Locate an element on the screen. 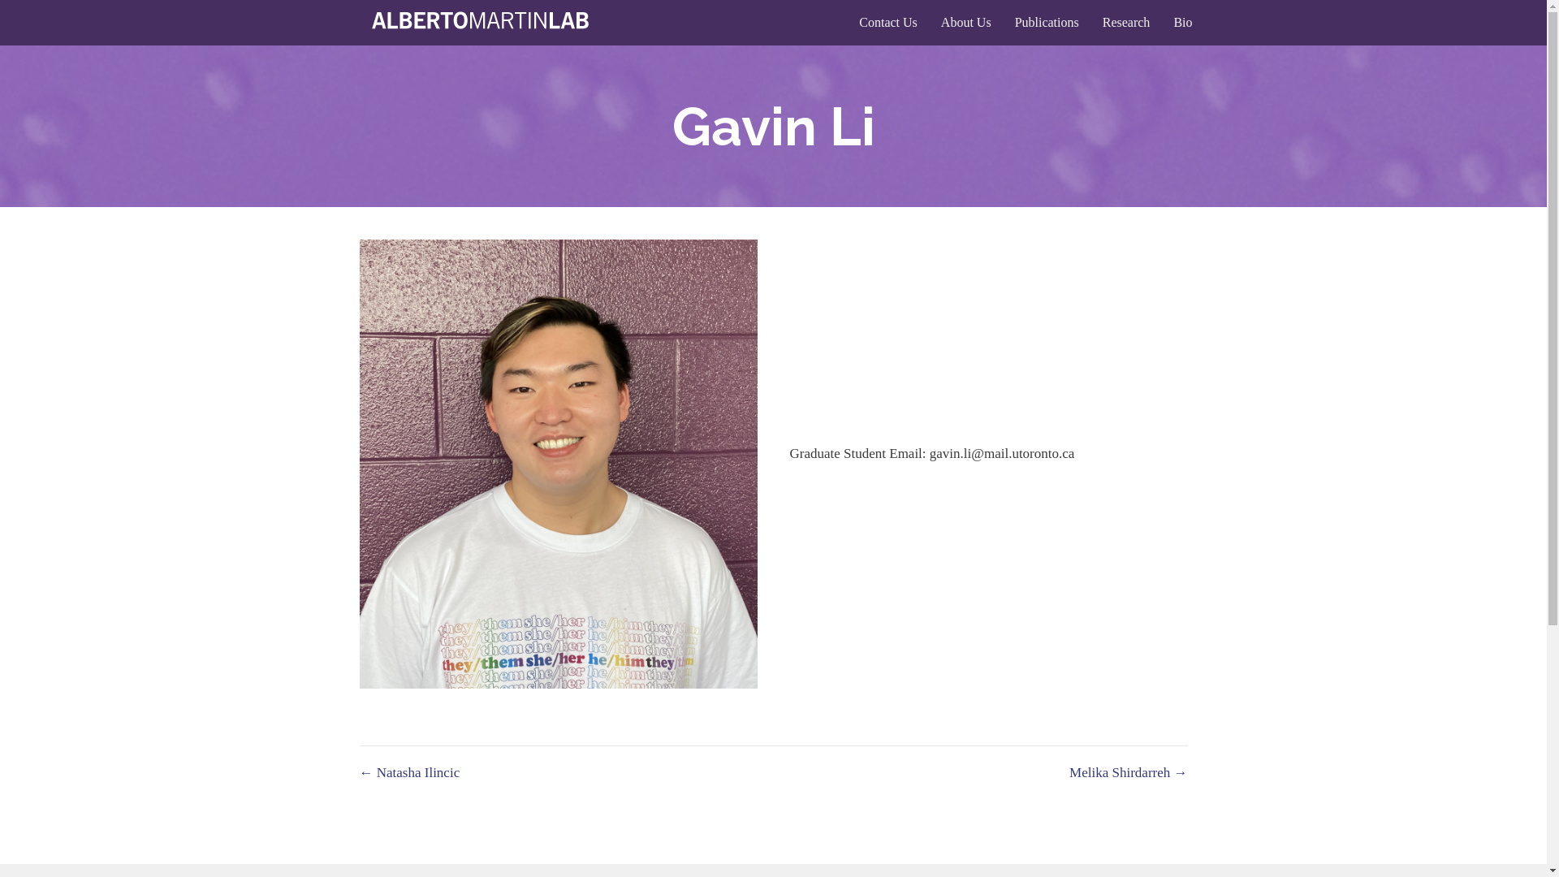 Image resolution: width=1559 pixels, height=877 pixels. 'Research' is located at coordinates (1091, 22).